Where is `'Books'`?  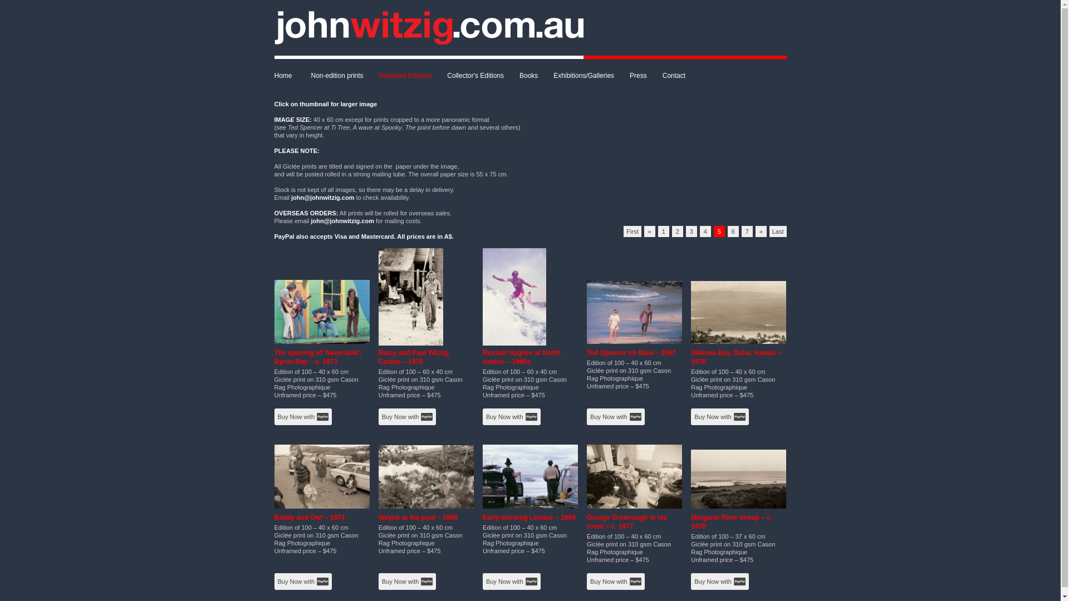 'Books' is located at coordinates (528, 75).